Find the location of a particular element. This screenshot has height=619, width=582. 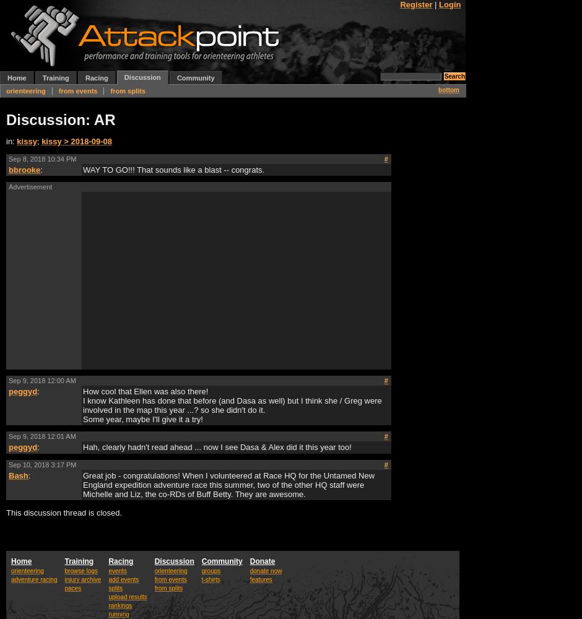

'in:' is located at coordinates (11, 140).